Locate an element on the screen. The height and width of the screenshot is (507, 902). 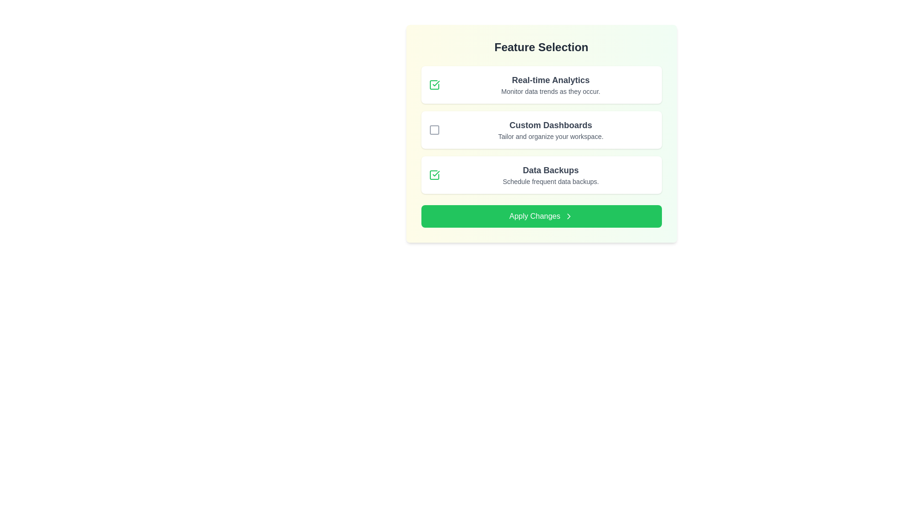
the Informational display panel labeled 'Custom Dashboards' is located at coordinates (541, 130).